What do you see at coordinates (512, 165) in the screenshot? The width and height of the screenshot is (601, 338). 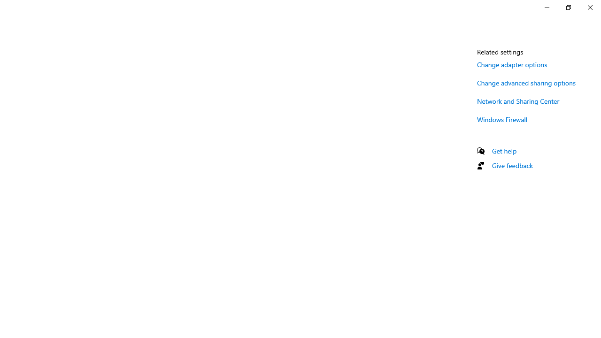 I see `'Give feedback'` at bounding box center [512, 165].